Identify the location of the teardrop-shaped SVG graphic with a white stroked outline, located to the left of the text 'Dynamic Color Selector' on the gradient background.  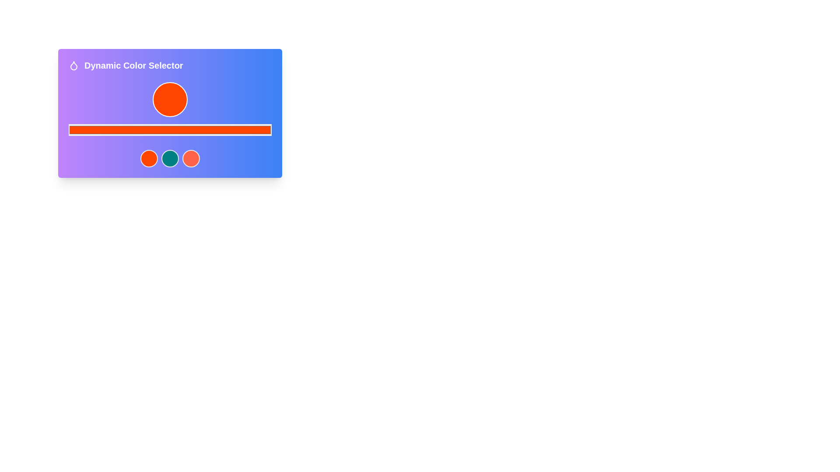
(73, 65).